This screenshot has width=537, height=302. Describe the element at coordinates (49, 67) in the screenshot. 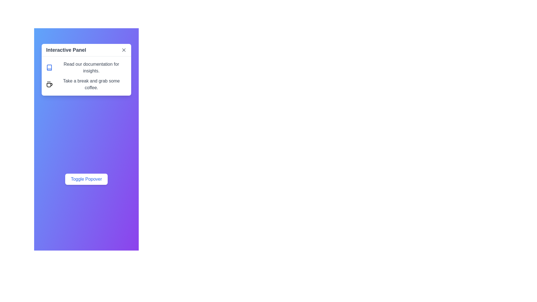

I see `the book icon that symbolizes documentation, located to the left of the text 'Read our documentation for insights.' in the 'Interactive Panel' section` at that location.